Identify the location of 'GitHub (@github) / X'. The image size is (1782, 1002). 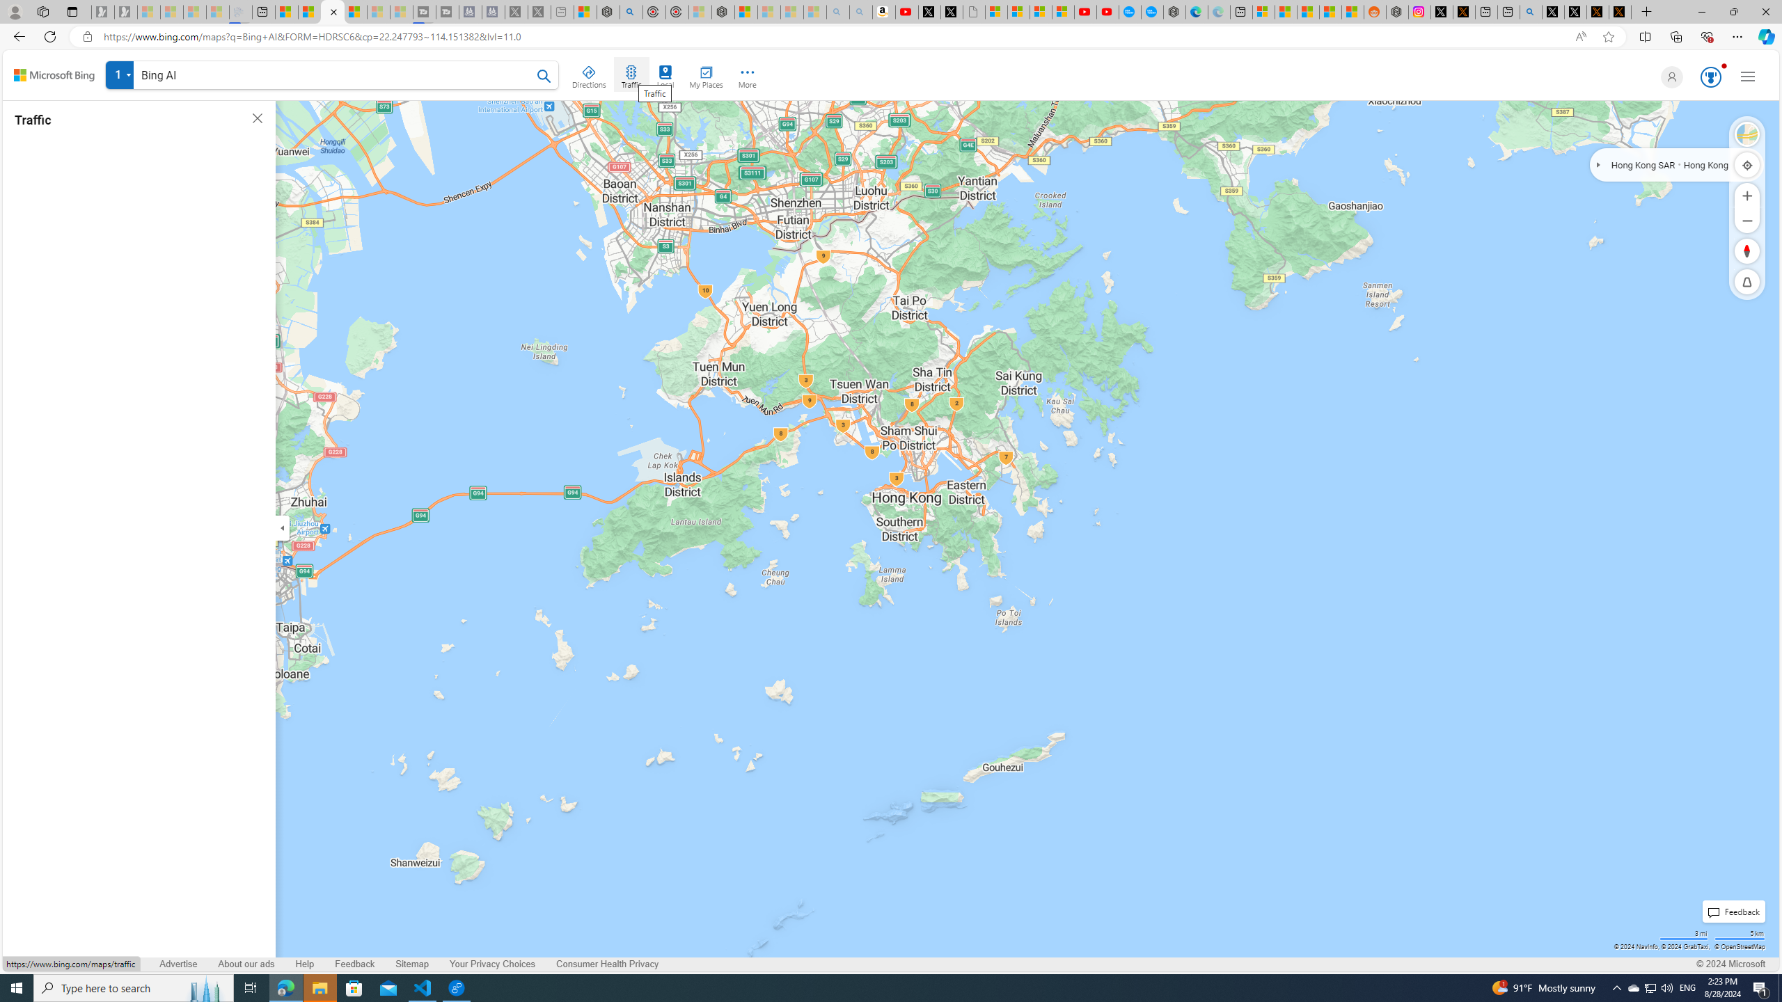
(1575, 11).